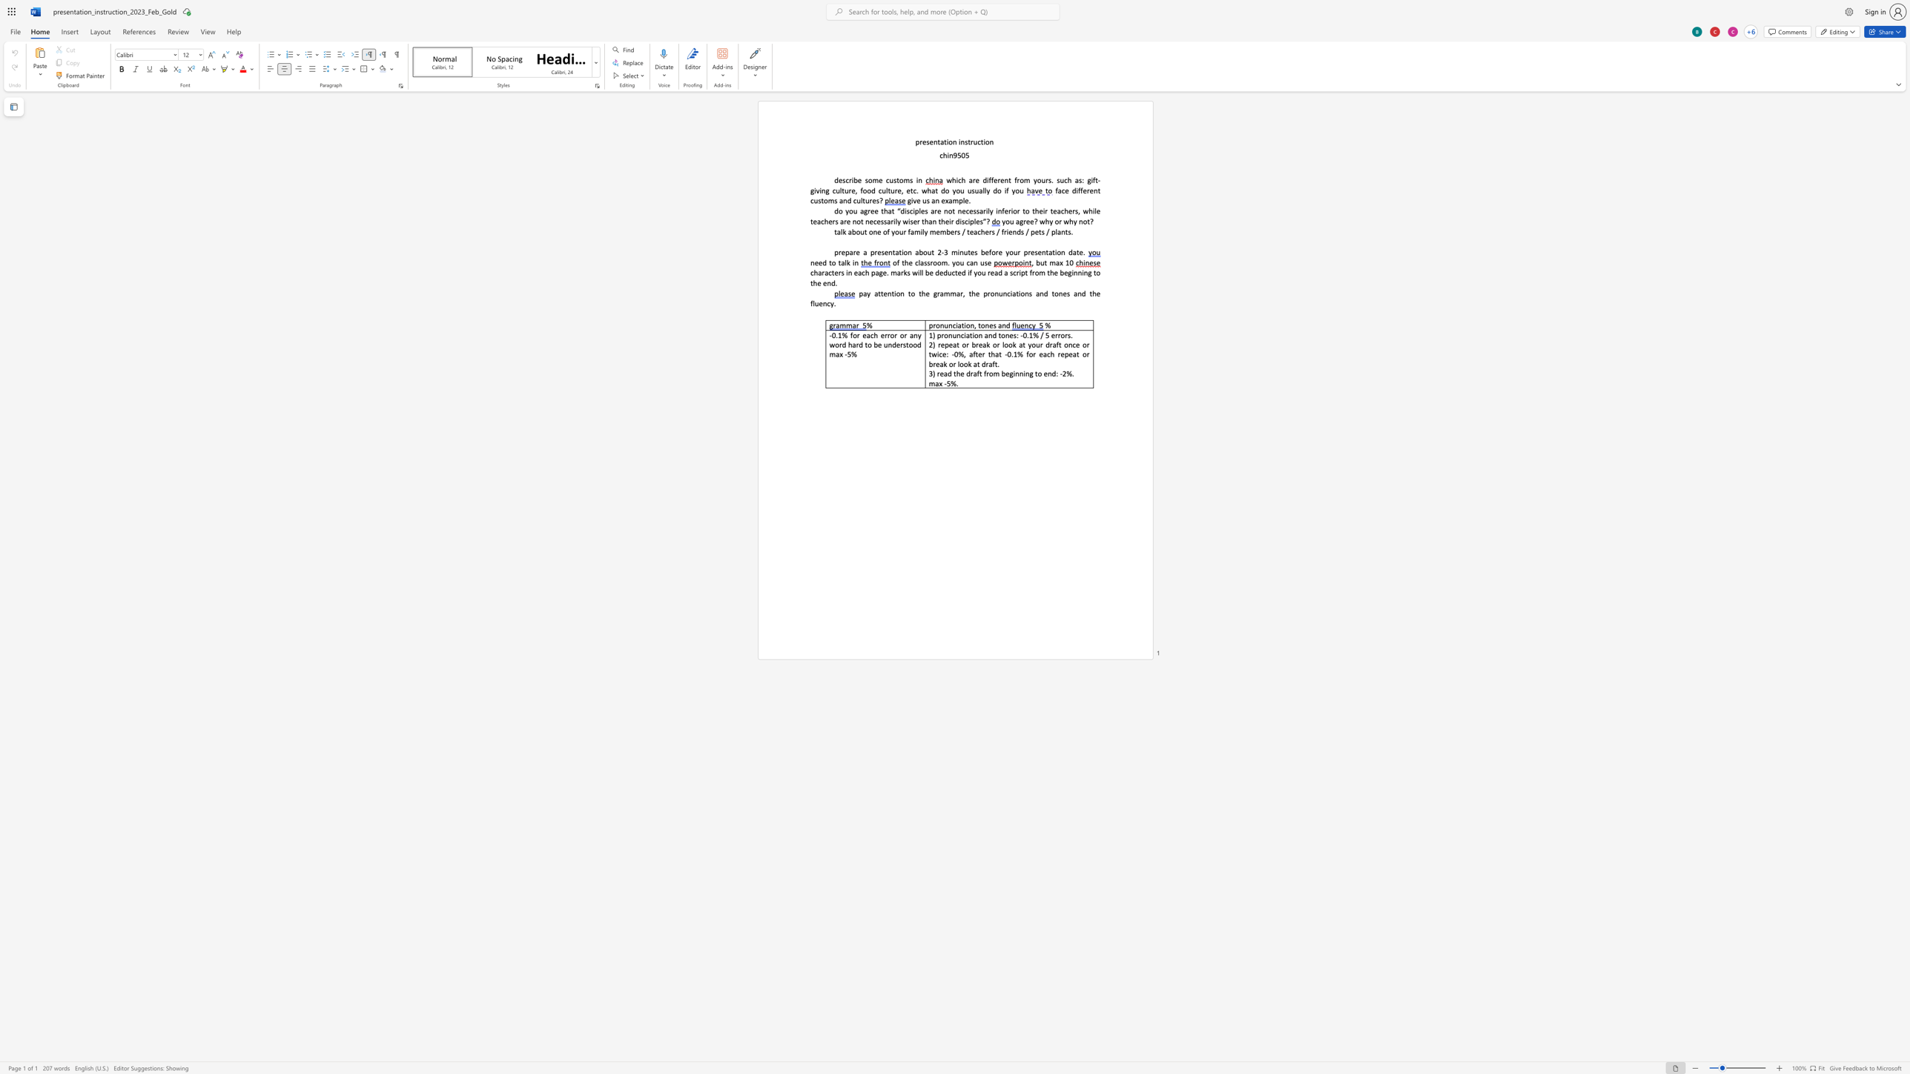 The width and height of the screenshot is (1910, 1074). I want to click on the space between the continuous character "m" and "s" in the text, so click(909, 179).